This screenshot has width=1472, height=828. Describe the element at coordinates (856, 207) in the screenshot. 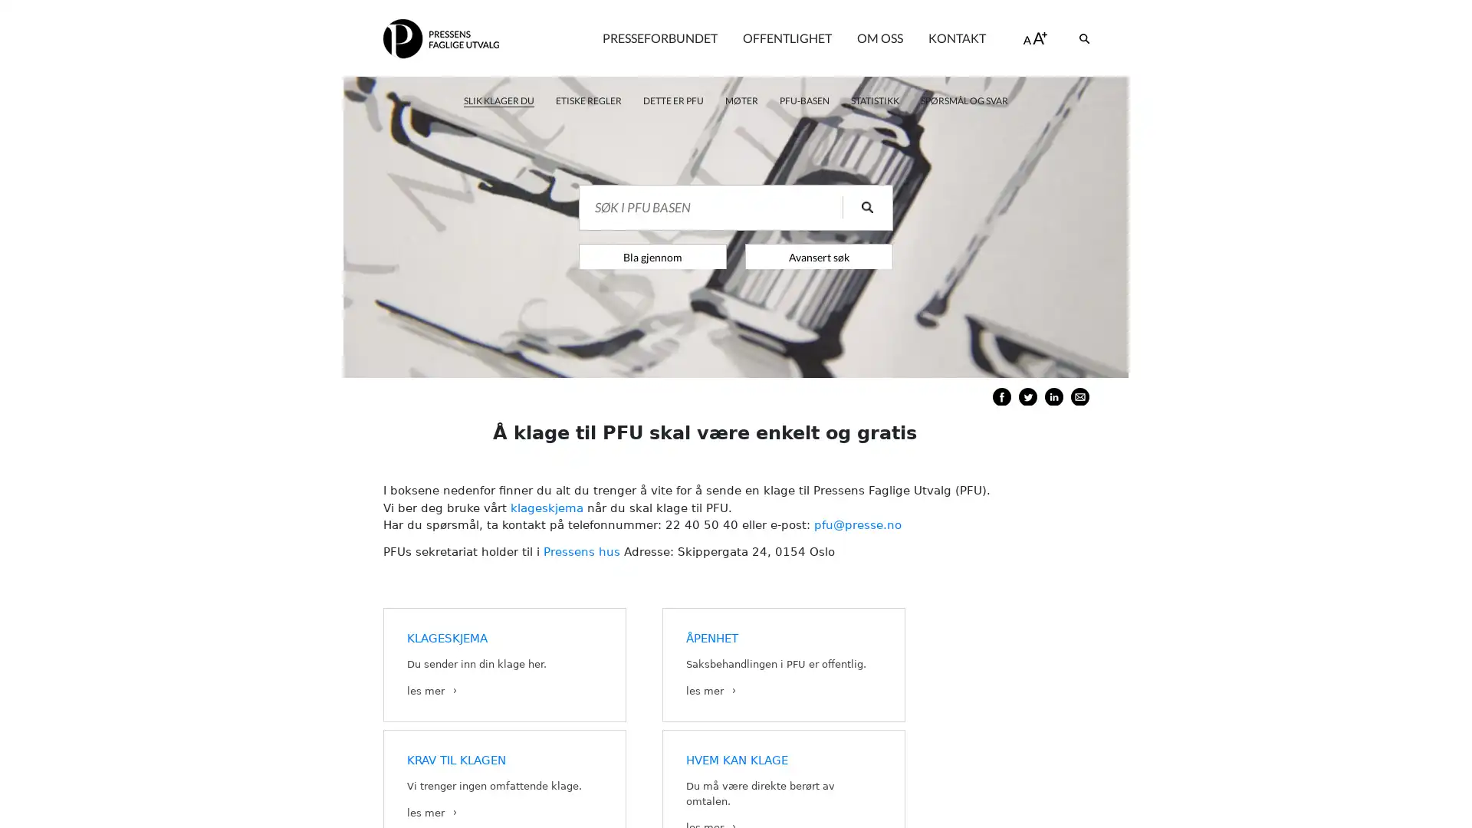

I see `Sk` at that location.